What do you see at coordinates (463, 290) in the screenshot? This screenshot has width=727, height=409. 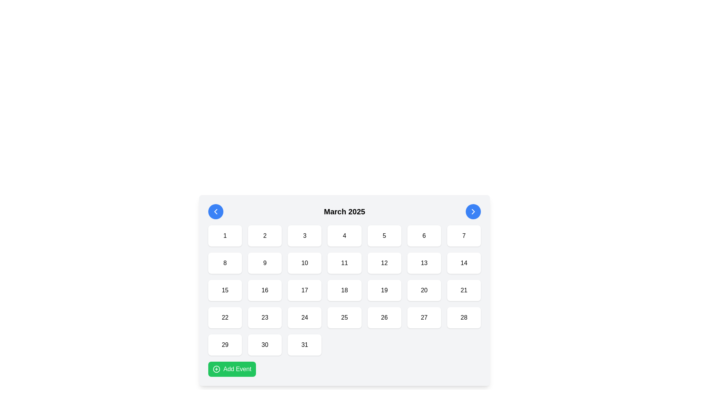 I see `the Calendar Day Cell representing the 21st day in the calendar, located in the sixth row and third column of the grid` at bounding box center [463, 290].